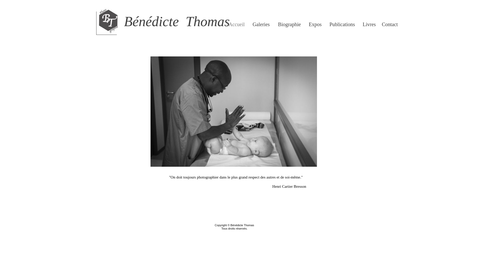  Describe the element at coordinates (261, 24) in the screenshot. I see `'Galeries'` at that location.